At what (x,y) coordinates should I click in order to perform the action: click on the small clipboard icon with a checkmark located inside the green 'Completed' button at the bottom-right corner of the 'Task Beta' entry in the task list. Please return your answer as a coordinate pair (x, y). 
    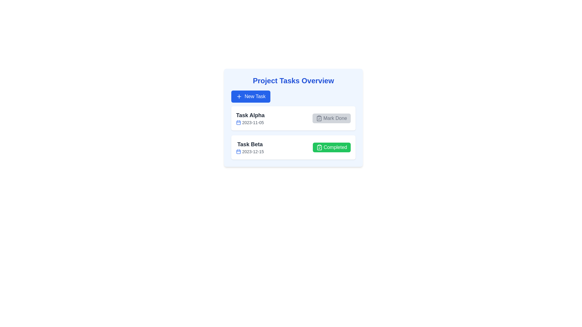
    Looking at the image, I should click on (319, 147).